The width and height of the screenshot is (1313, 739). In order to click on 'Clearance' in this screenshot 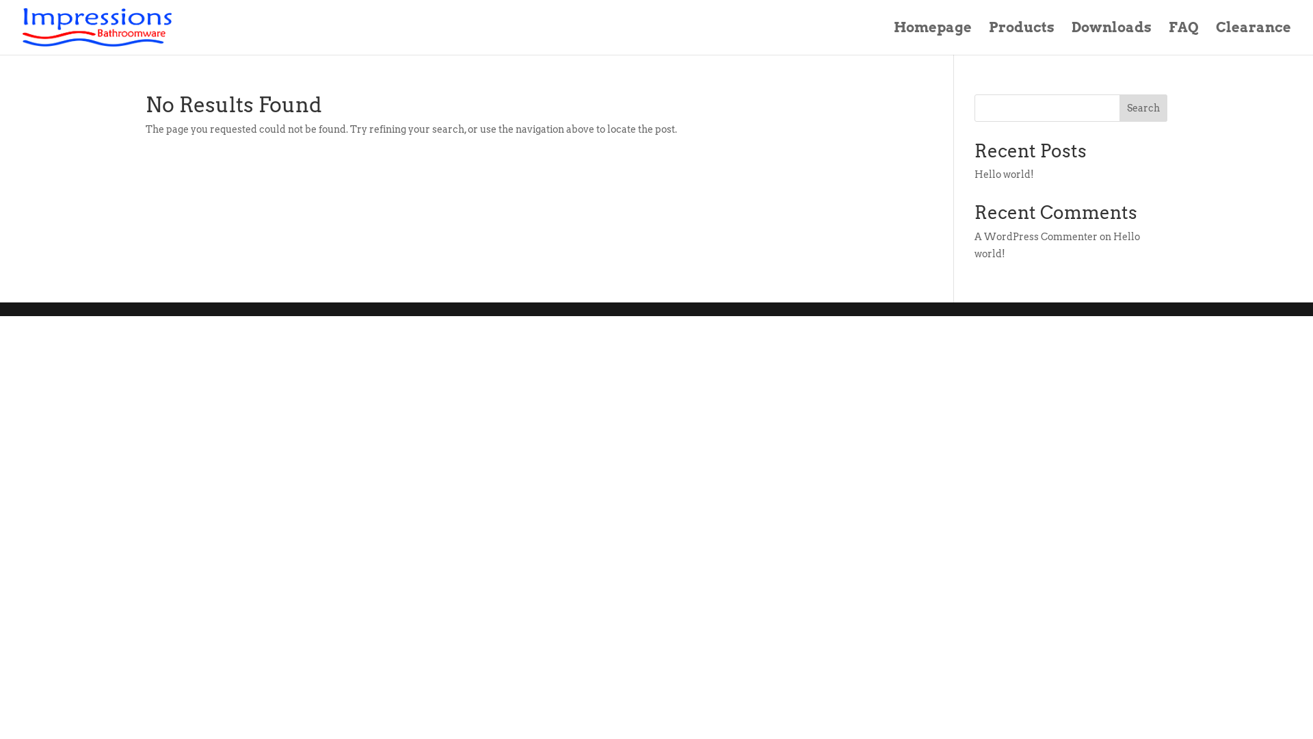, I will do `click(1254, 38)`.